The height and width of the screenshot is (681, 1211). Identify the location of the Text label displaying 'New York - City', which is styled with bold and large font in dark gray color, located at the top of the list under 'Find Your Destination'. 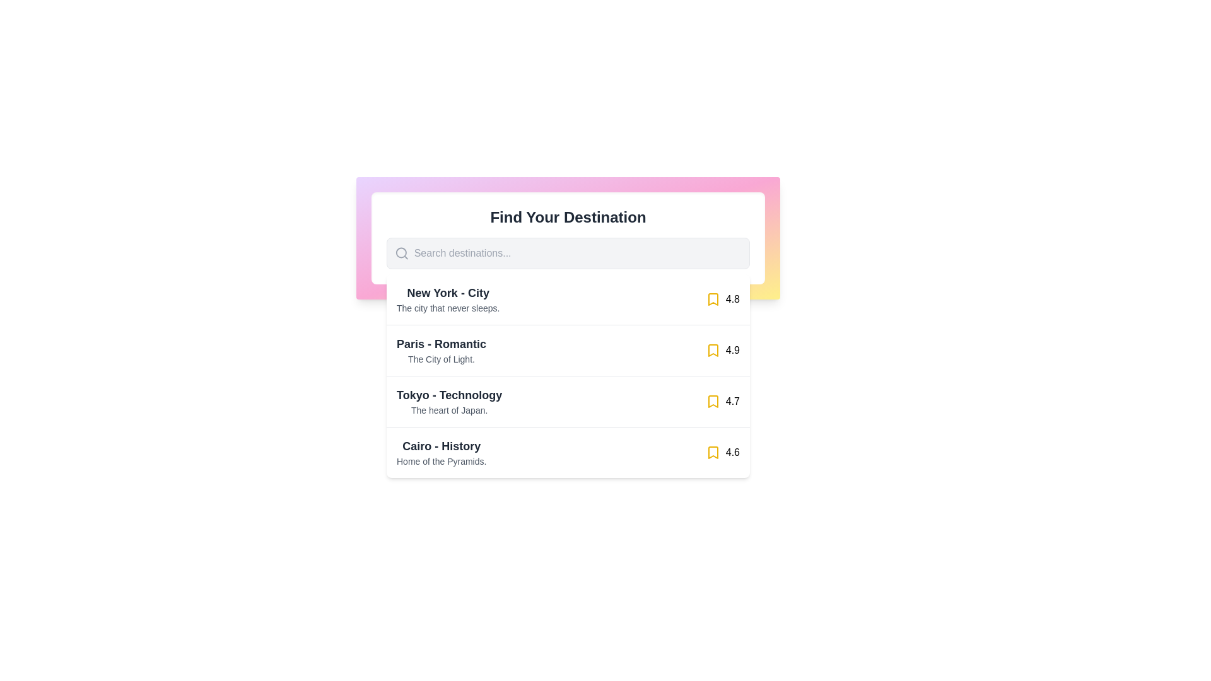
(448, 293).